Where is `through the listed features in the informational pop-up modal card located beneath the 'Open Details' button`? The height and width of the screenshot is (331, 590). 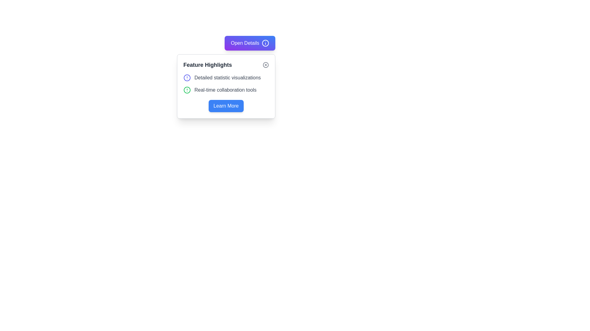 through the listed features in the informational pop-up modal card located beneath the 'Open Details' button is located at coordinates (226, 86).